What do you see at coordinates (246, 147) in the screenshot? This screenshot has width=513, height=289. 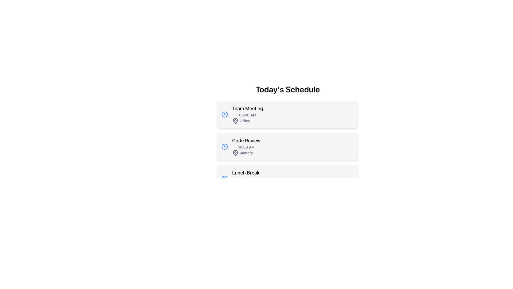 I see `text '10:00 AM' displayed in the Text Label for the 'Code Review' event located below the title and above the 'Remote' text` at bounding box center [246, 147].